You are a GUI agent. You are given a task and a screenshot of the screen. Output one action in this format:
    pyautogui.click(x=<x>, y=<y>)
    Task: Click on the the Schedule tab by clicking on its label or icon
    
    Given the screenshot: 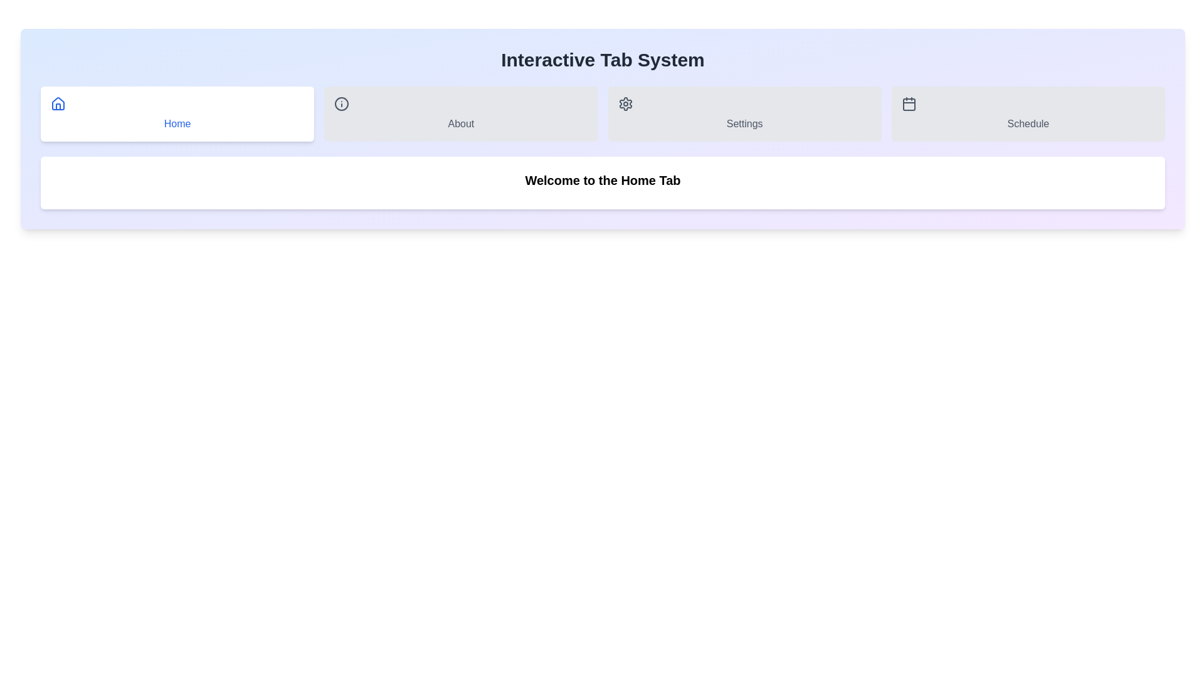 What is the action you would take?
    pyautogui.click(x=1028, y=113)
    